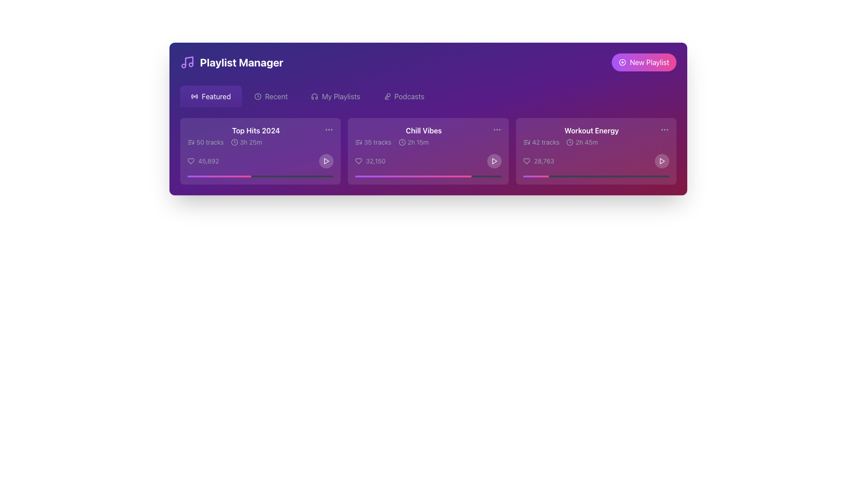 The height and width of the screenshot is (485, 863). I want to click on the progress bar segment representing the completion percentage for the 'Chill Vibes' playlist, so click(413, 176).